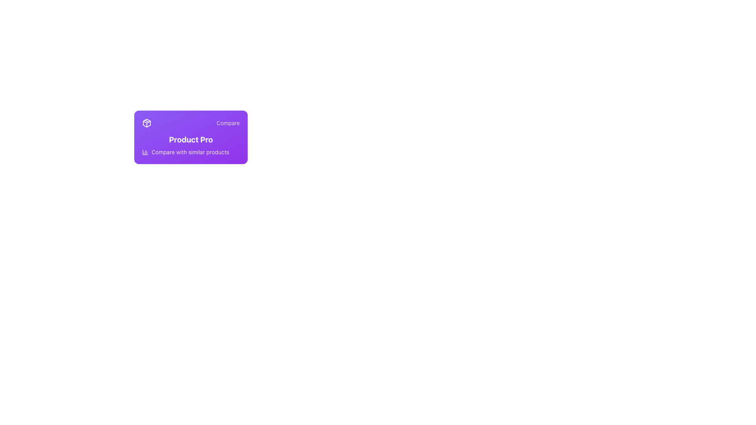 The width and height of the screenshot is (756, 425). What do you see at coordinates (190, 152) in the screenshot?
I see `the text label that reads 'Compare with similar products', which is styled in white font on a violet background and is located below the title 'Product Pro' within a card design` at bounding box center [190, 152].